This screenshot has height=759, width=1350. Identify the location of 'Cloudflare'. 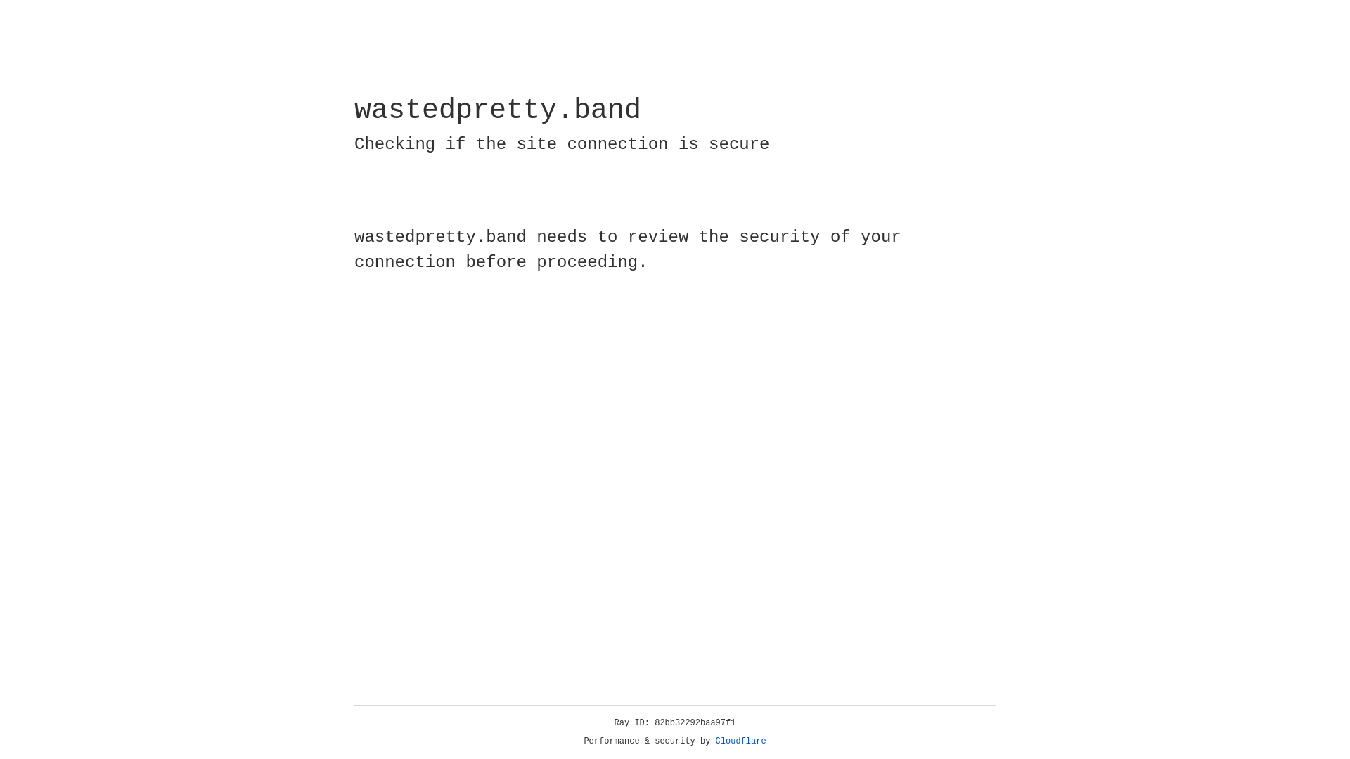
(740, 741).